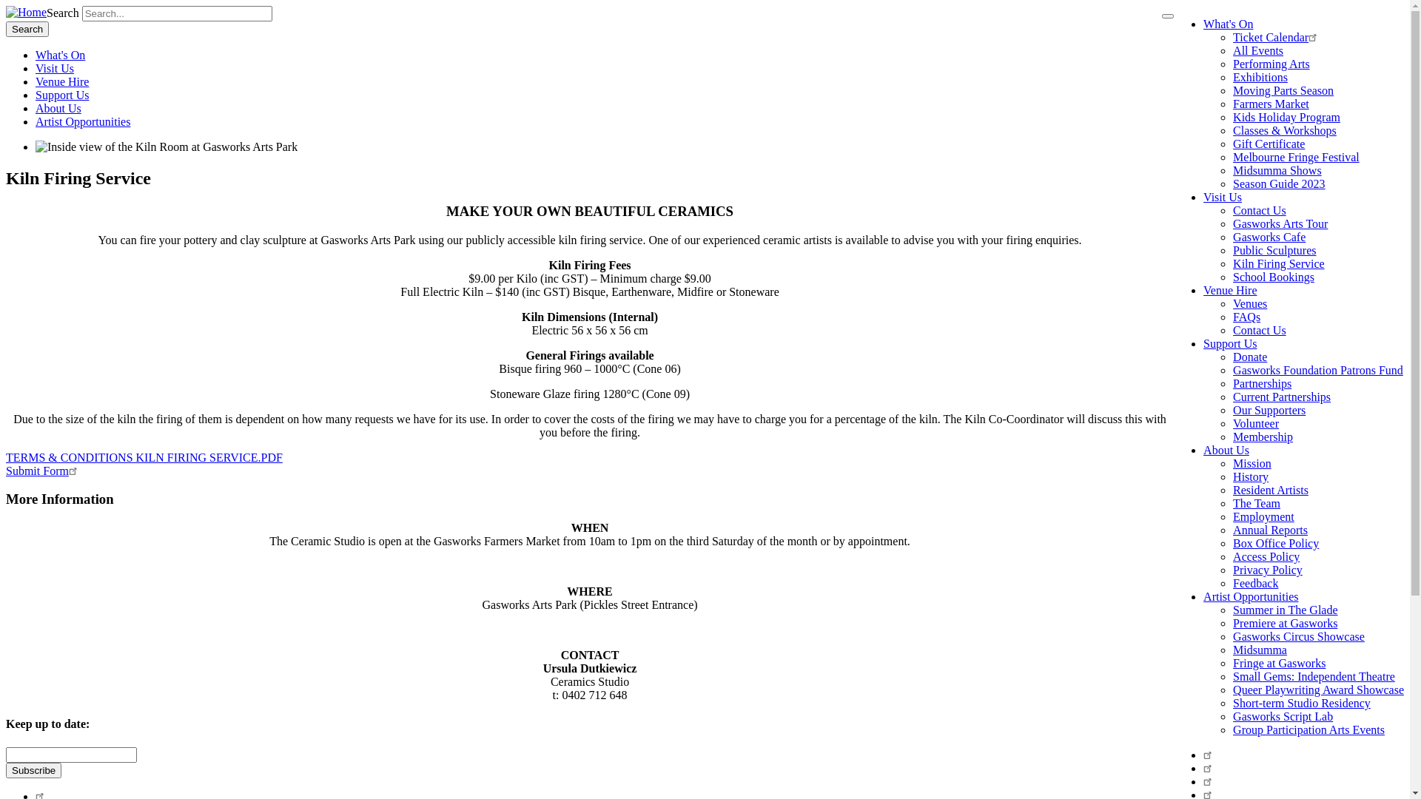 The image size is (1421, 799). Describe the element at coordinates (1265, 556) in the screenshot. I see `'Access Policy'` at that location.